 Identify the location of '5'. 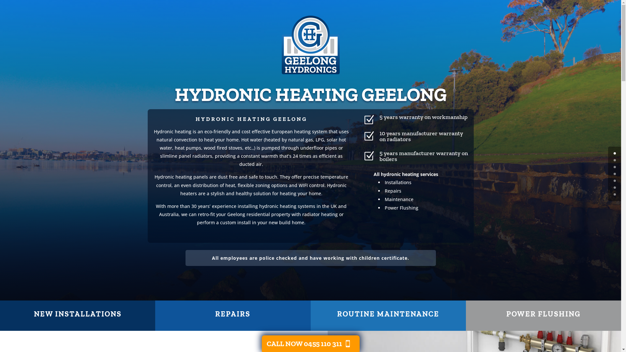
(614, 187).